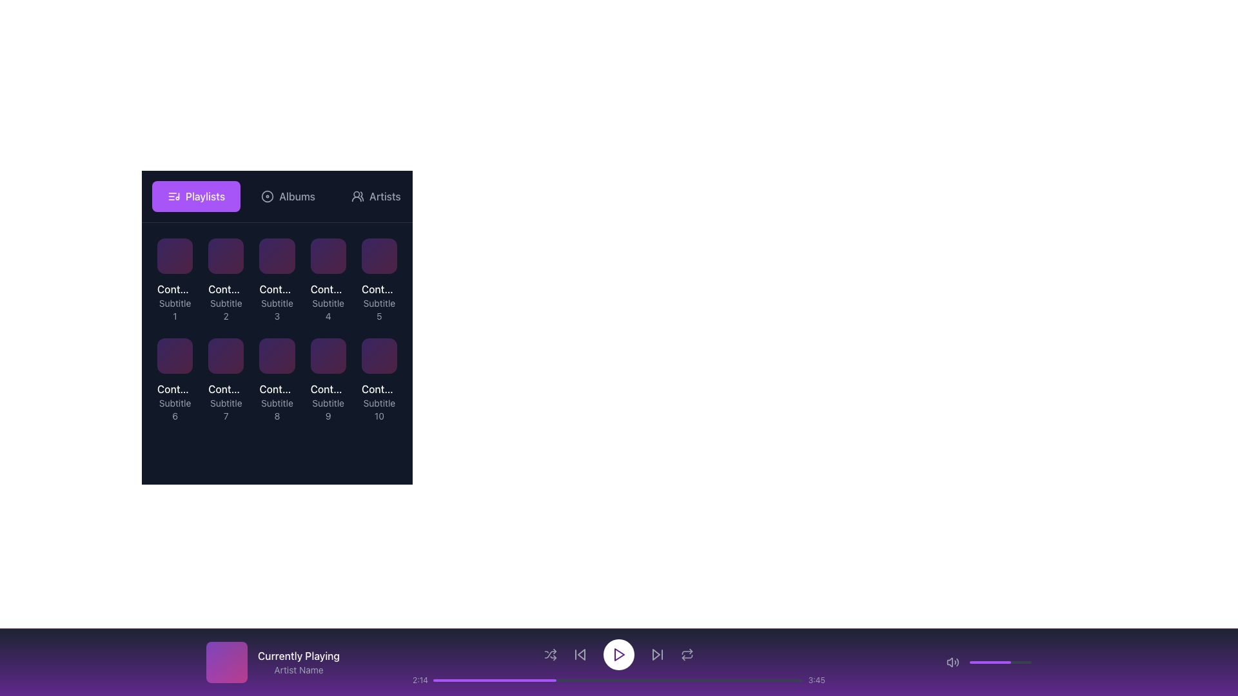 Image resolution: width=1238 pixels, height=696 pixels. I want to click on the triangular-shaped 'Play' button icon, which is outlined in purple and located at the center of the bottom control bar, so click(619, 654).